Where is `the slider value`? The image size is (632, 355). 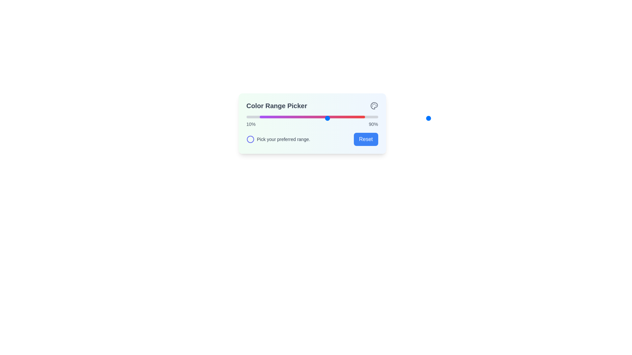 the slider value is located at coordinates (366, 116).